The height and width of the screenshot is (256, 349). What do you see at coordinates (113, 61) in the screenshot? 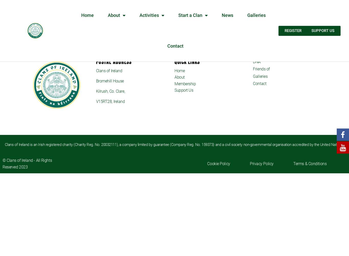
I see `'Postal Address'` at bounding box center [113, 61].